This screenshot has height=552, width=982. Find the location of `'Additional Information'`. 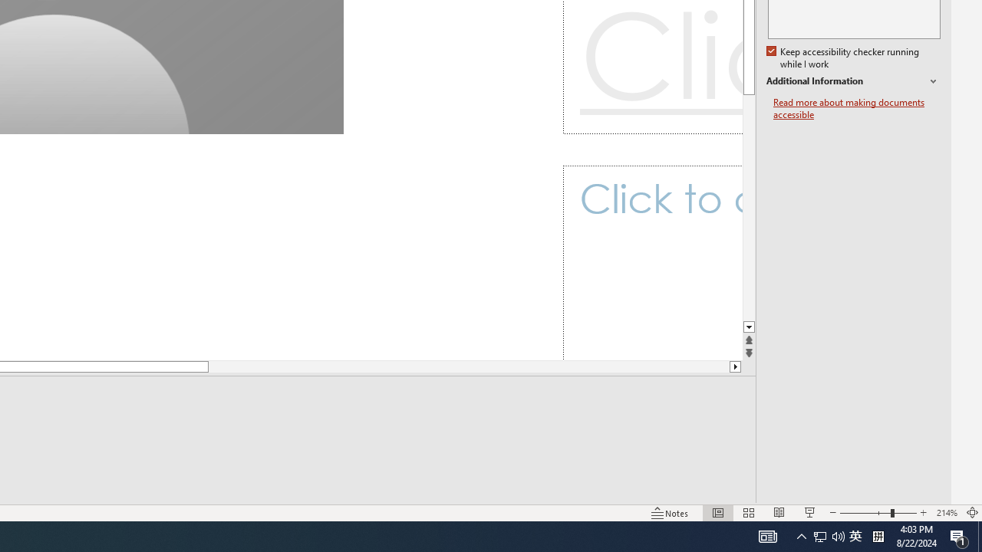

'Additional Information' is located at coordinates (852, 81).